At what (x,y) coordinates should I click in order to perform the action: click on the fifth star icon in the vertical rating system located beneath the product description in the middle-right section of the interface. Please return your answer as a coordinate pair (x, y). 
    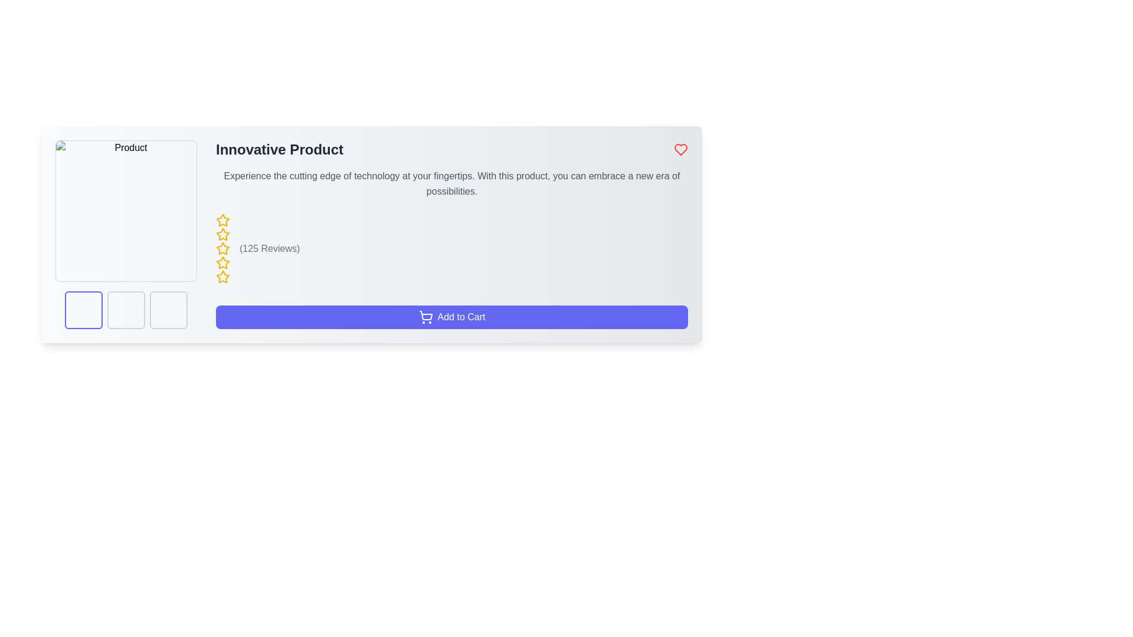
    Looking at the image, I should click on (223, 262).